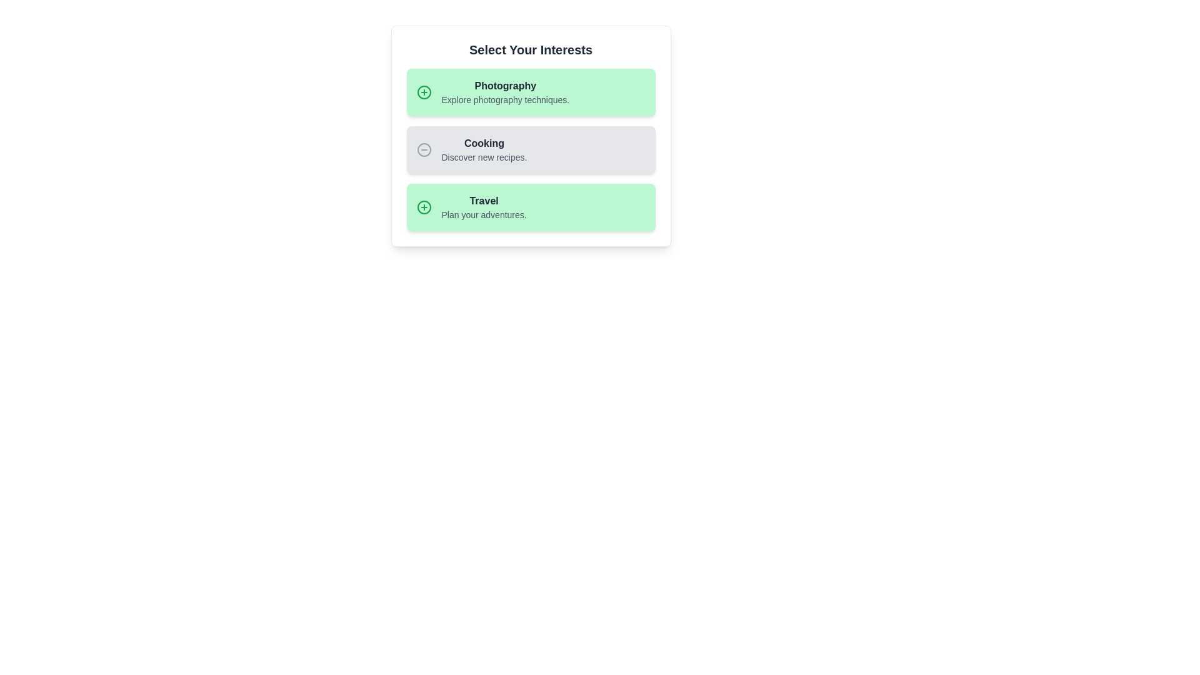 The image size is (1200, 675). Describe the element at coordinates (531, 91) in the screenshot. I see `the interest Photography` at that location.